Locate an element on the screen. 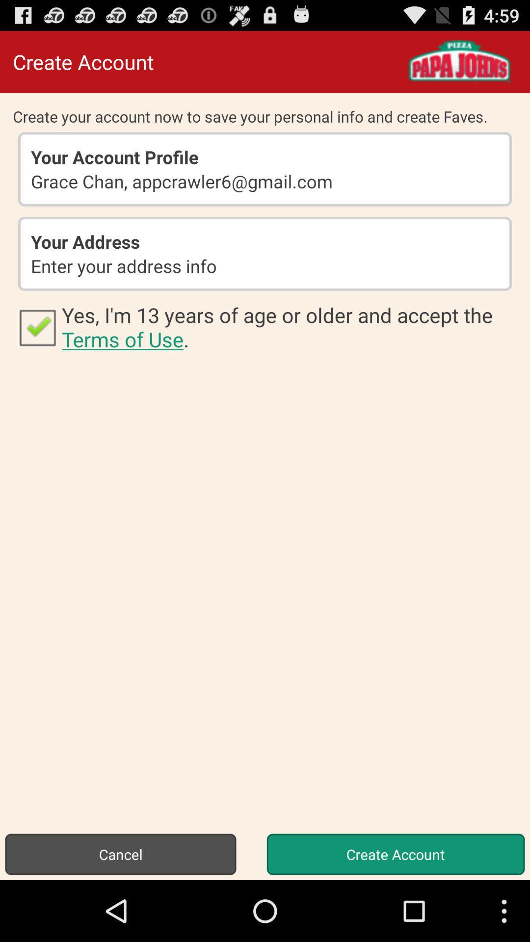 This screenshot has height=942, width=530. the icon at the center is located at coordinates (289, 327).